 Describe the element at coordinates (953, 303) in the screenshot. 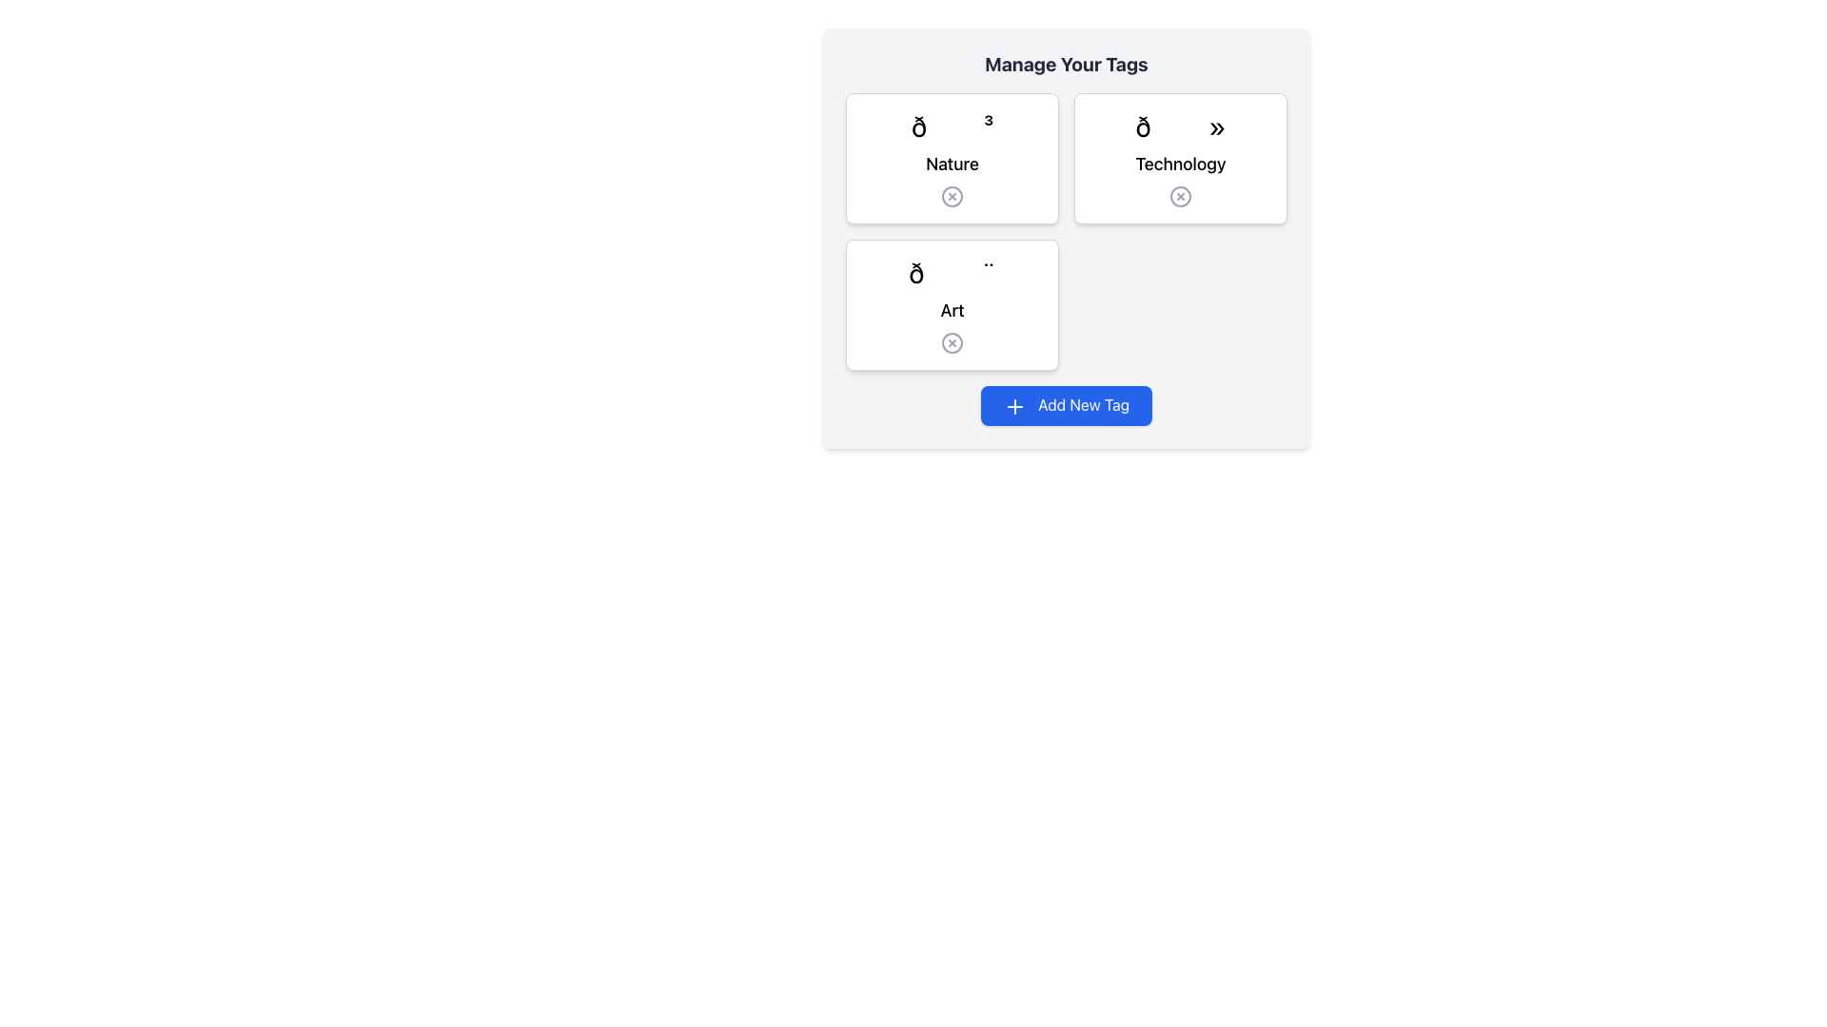

I see `the 'Art' category card located in the bottom-left of the 'Manage Your Tags' grid` at that location.